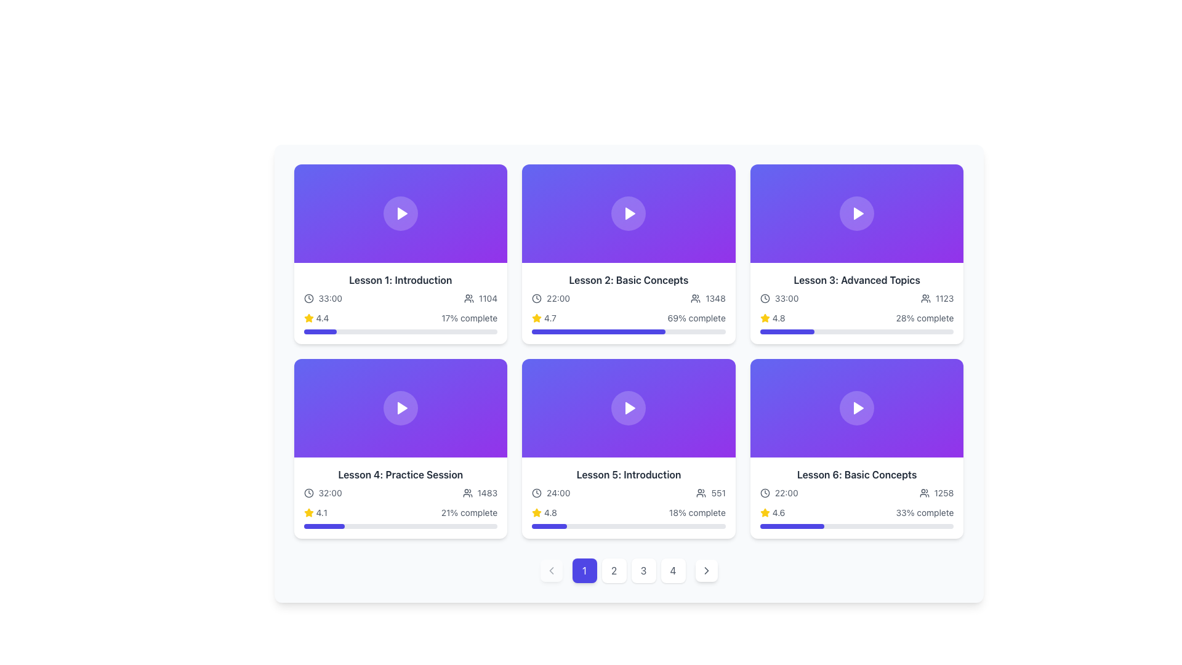  I want to click on the play button, which is a white triangular icon on a purple circular background, located in the top center area of the bottom-right card in a grid layout, so click(858, 408).